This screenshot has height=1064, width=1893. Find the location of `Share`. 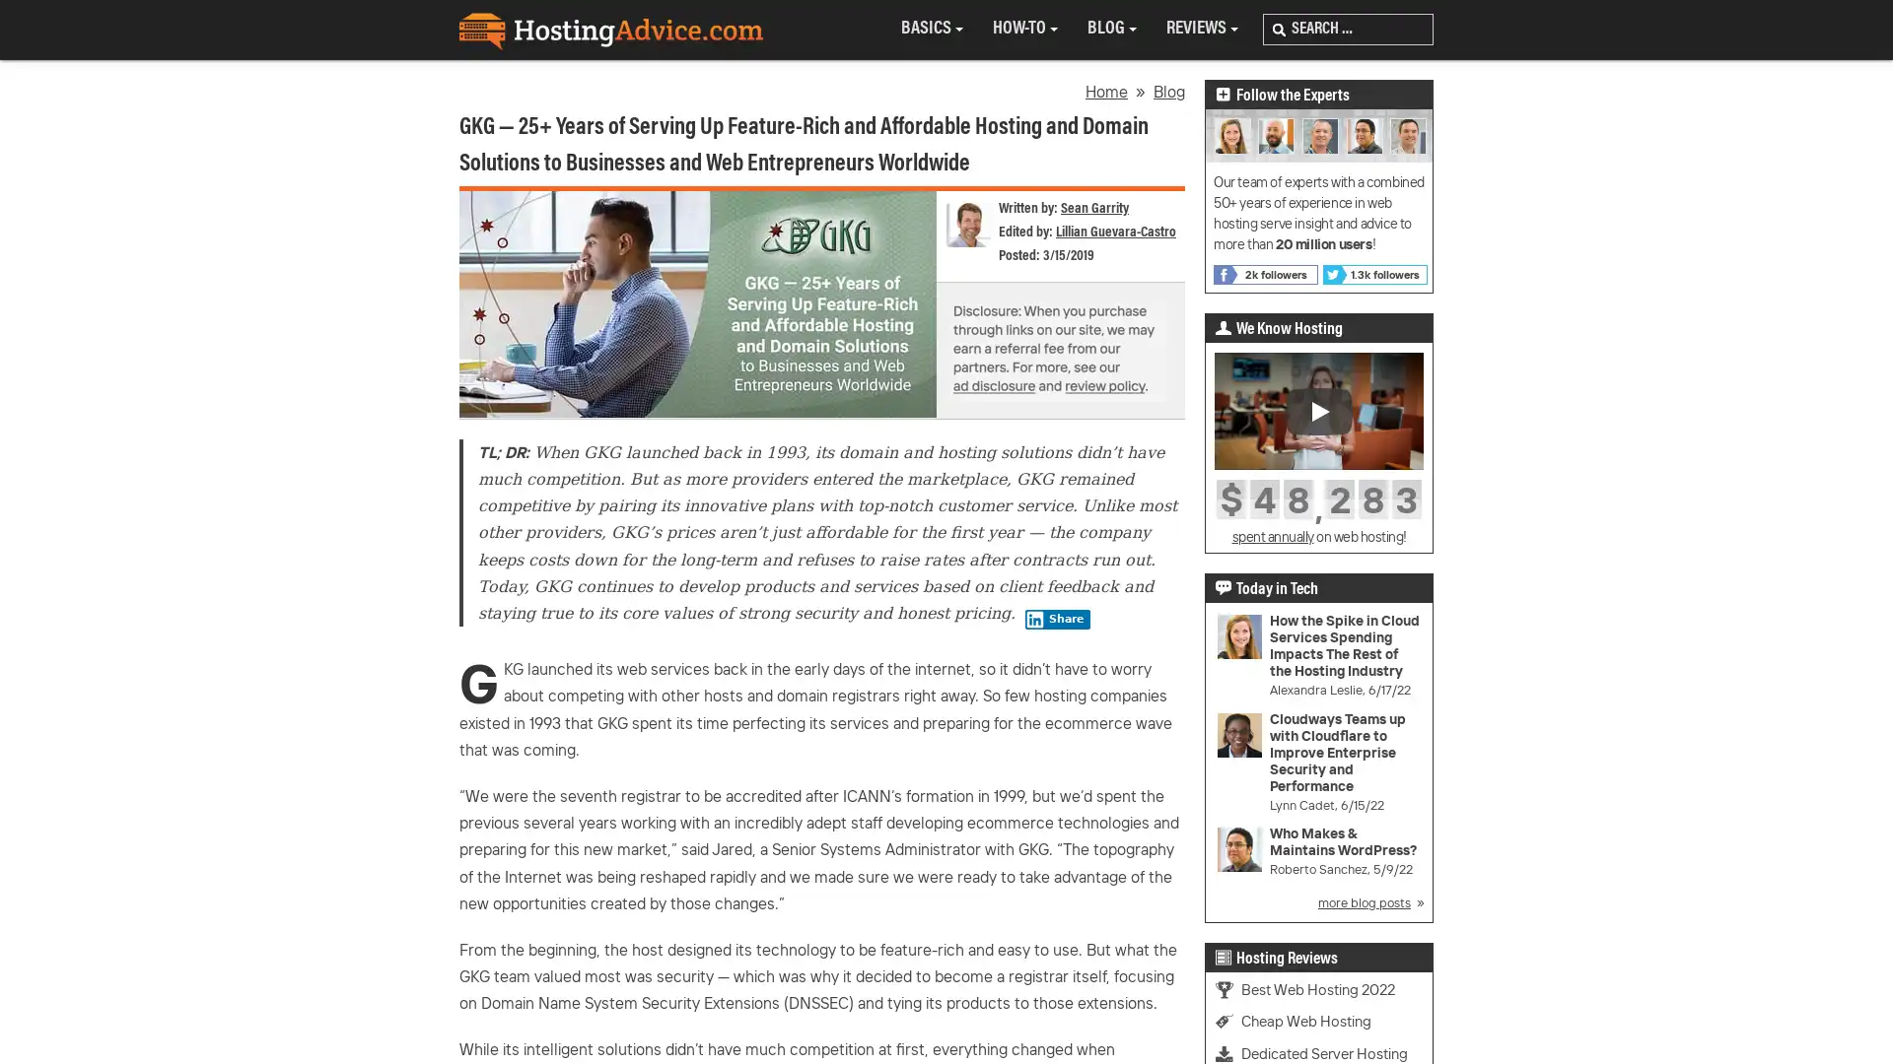

Share is located at coordinates (1056, 618).